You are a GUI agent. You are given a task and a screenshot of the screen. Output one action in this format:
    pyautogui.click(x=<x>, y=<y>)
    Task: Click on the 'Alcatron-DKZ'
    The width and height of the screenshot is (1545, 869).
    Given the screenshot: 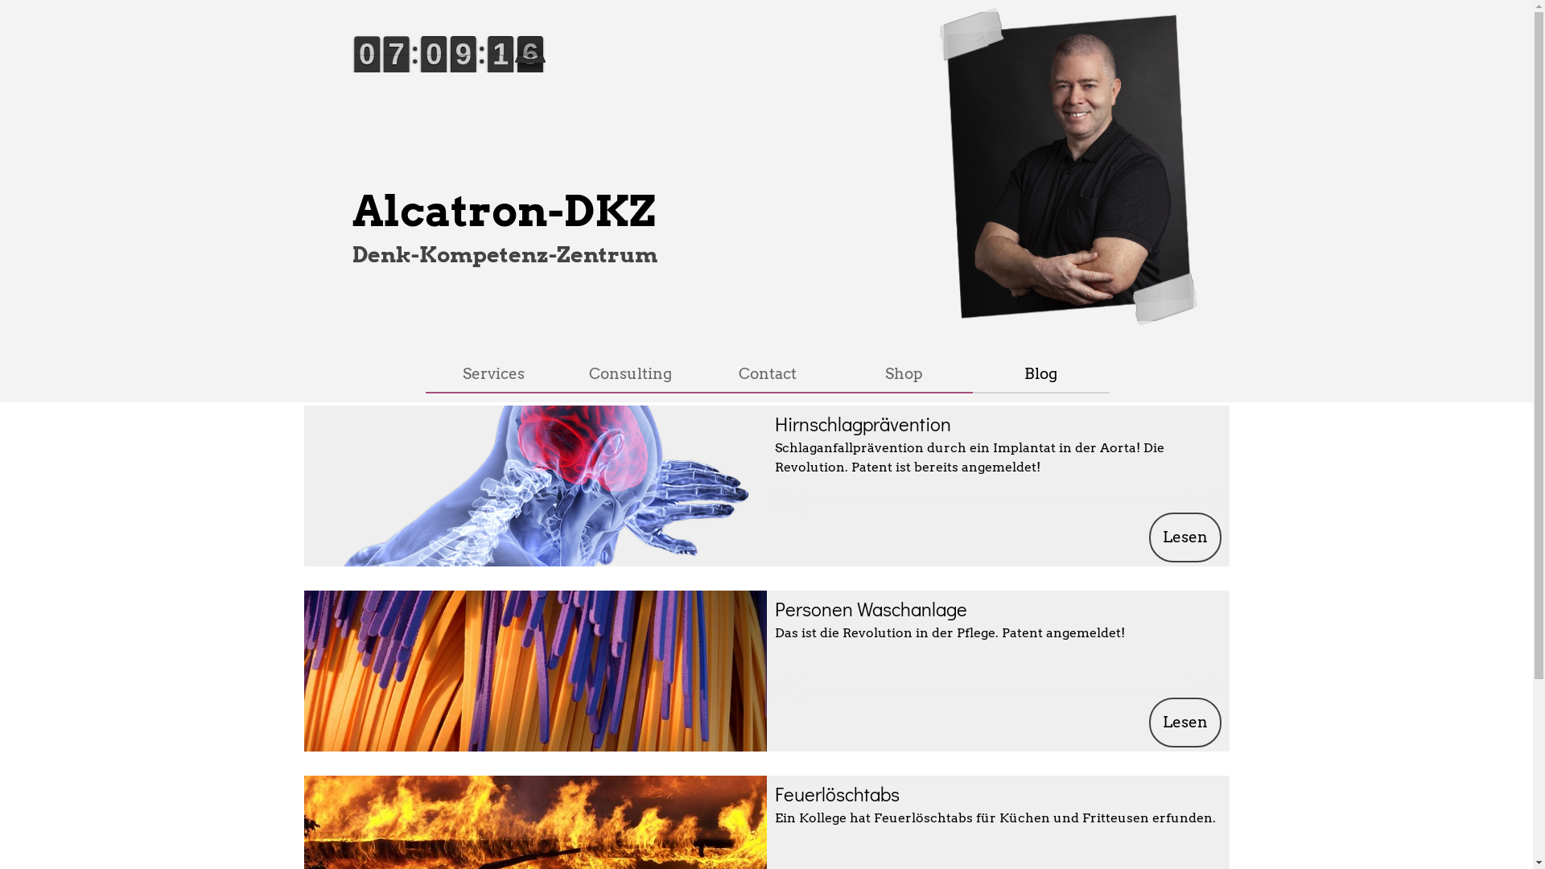 What is the action you would take?
    pyautogui.click(x=503, y=210)
    